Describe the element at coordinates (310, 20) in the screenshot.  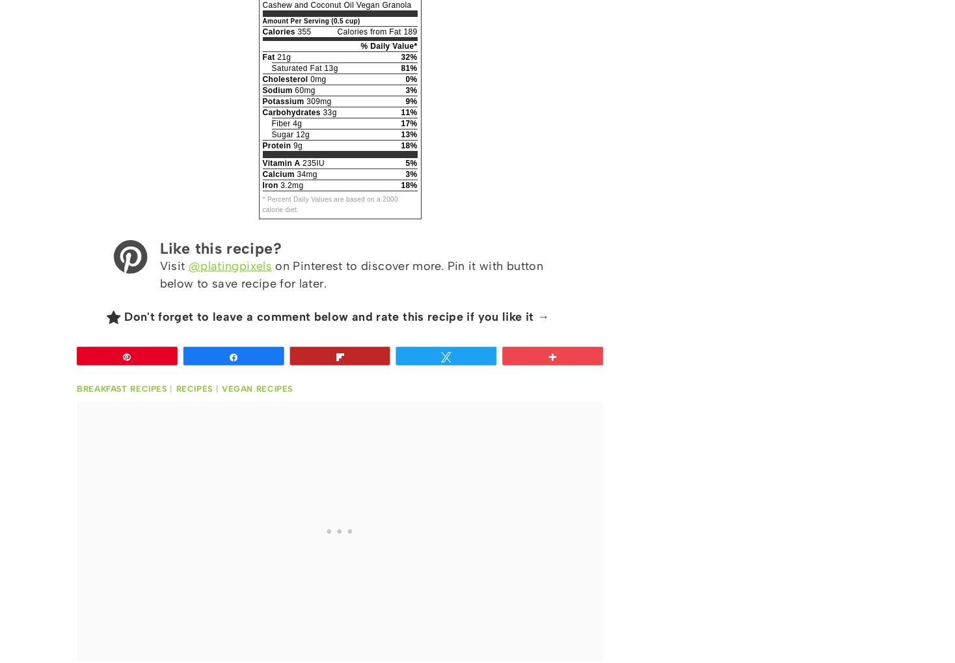
I see `'Amount Per Serving		 (0.5 cup)'` at that location.